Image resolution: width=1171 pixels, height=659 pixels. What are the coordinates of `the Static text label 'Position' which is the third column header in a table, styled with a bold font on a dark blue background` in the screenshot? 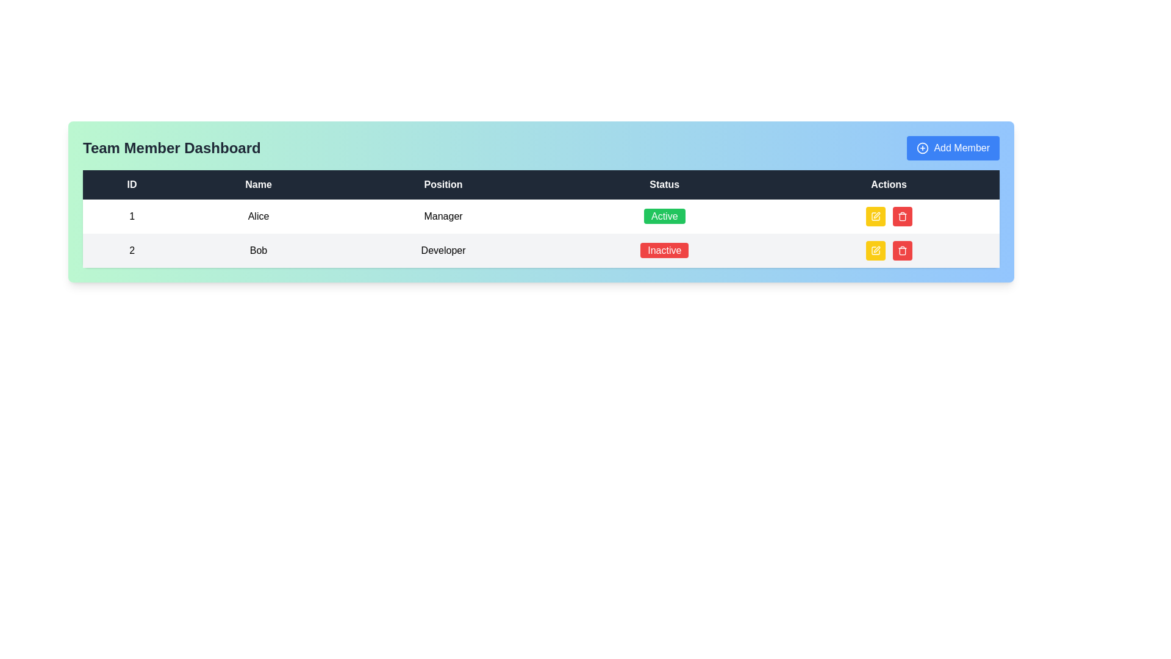 It's located at (443, 185).